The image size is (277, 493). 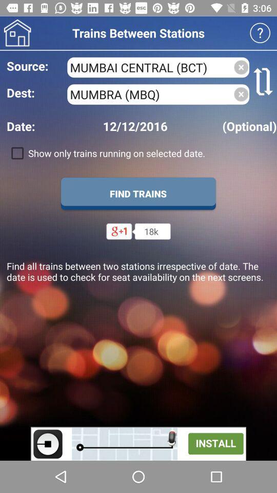 What do you see at coordinates (241, 67) in the screenshot?
I see `the close icon` at bounding box center [241, 67].